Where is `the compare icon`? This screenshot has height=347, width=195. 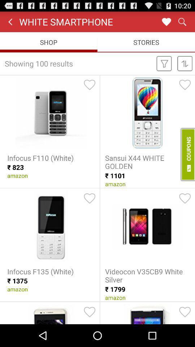
the compare icon is located at coordinates (185, 68).